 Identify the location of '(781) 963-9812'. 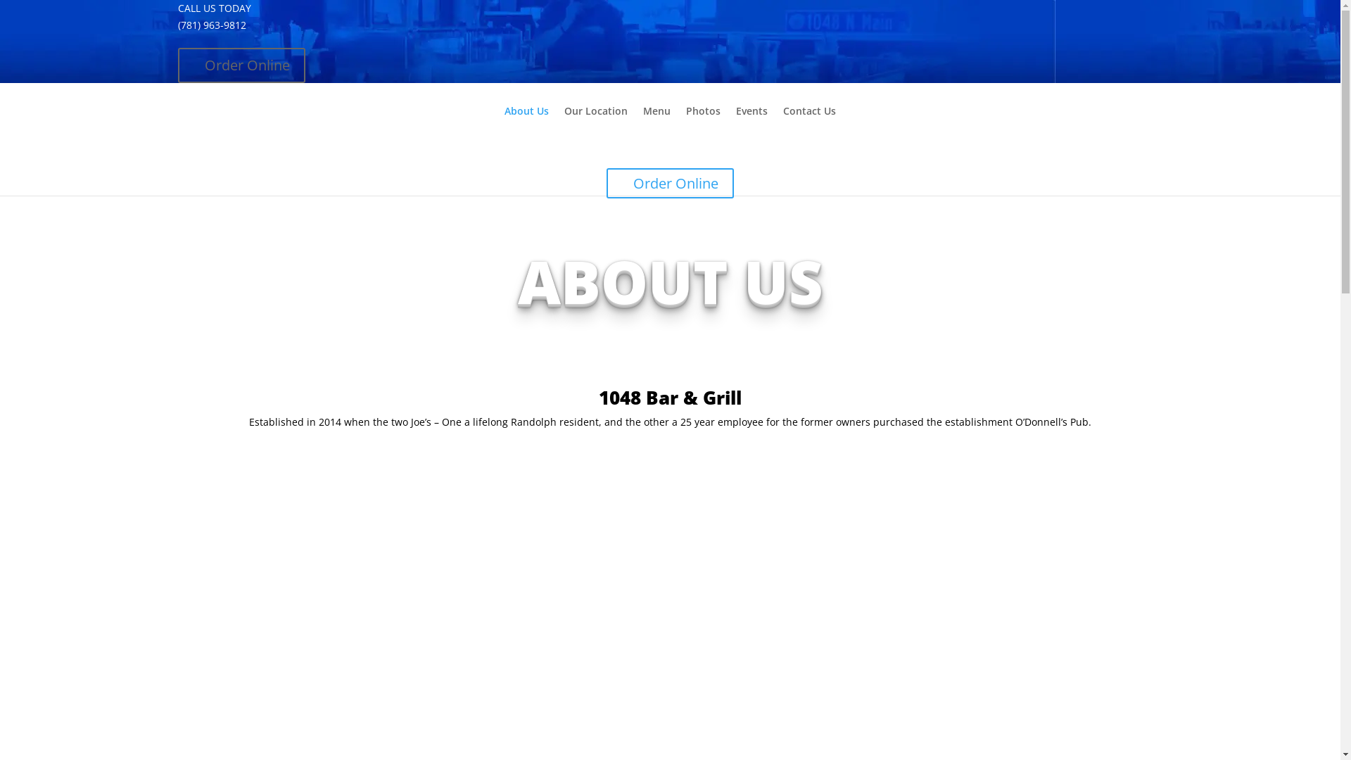
(210, 25).